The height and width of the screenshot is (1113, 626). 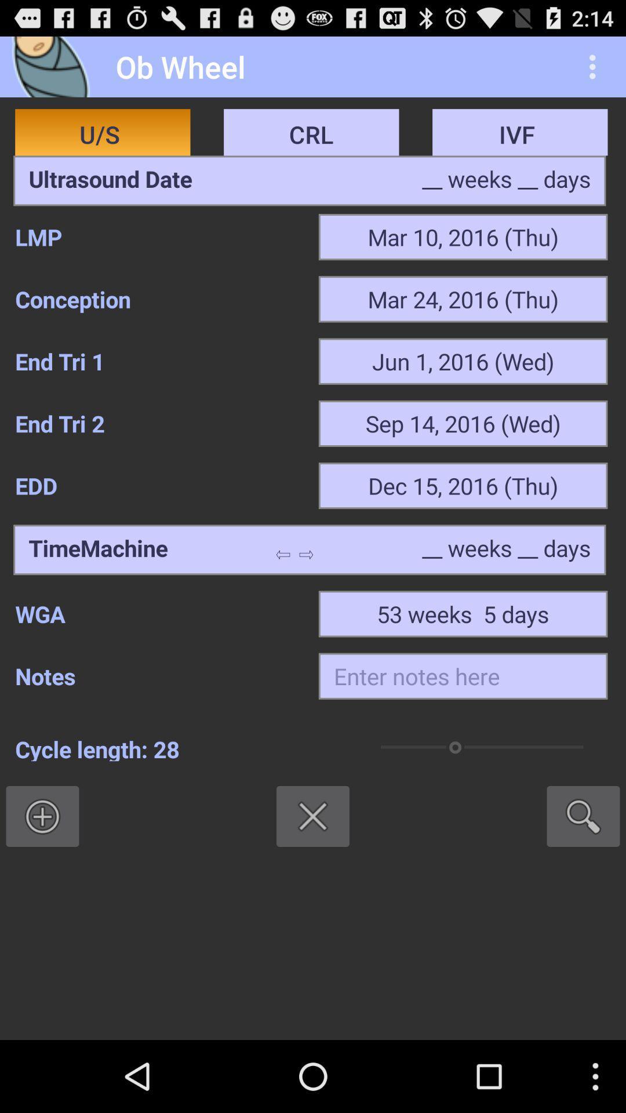 What do you see at coordinates (583, 816) in the screenshot?
I see `the item next to cycle length: 28 item` at bounding box center [583, 816].